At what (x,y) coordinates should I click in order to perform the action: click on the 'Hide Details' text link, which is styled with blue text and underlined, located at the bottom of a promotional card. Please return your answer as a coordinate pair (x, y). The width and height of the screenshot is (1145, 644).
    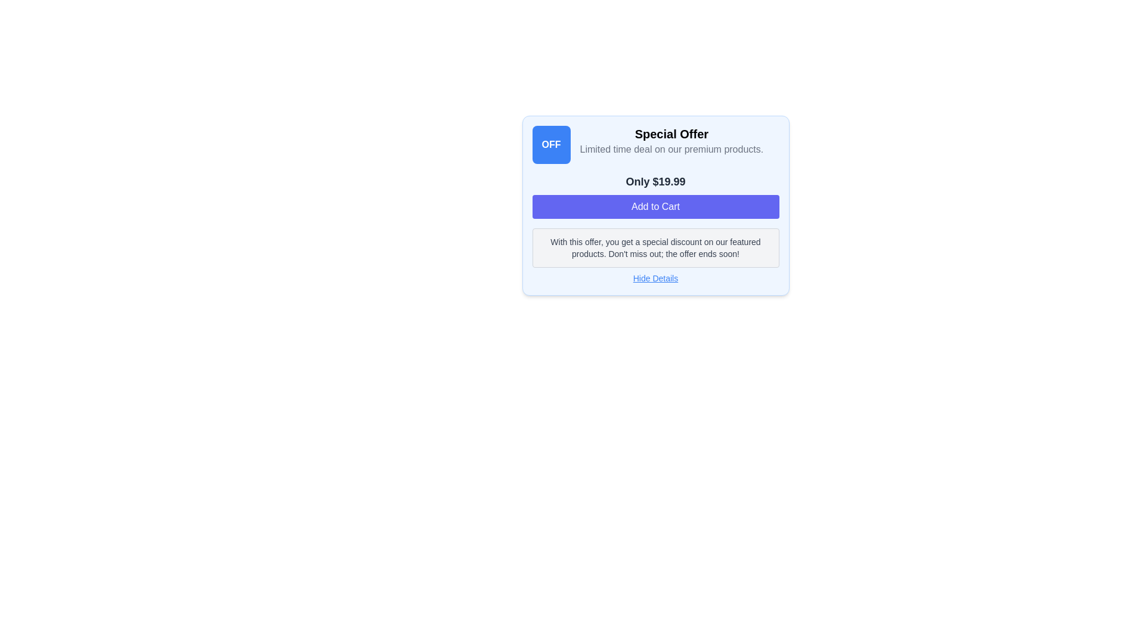
    Looking at the image, I should click on (655, 278).